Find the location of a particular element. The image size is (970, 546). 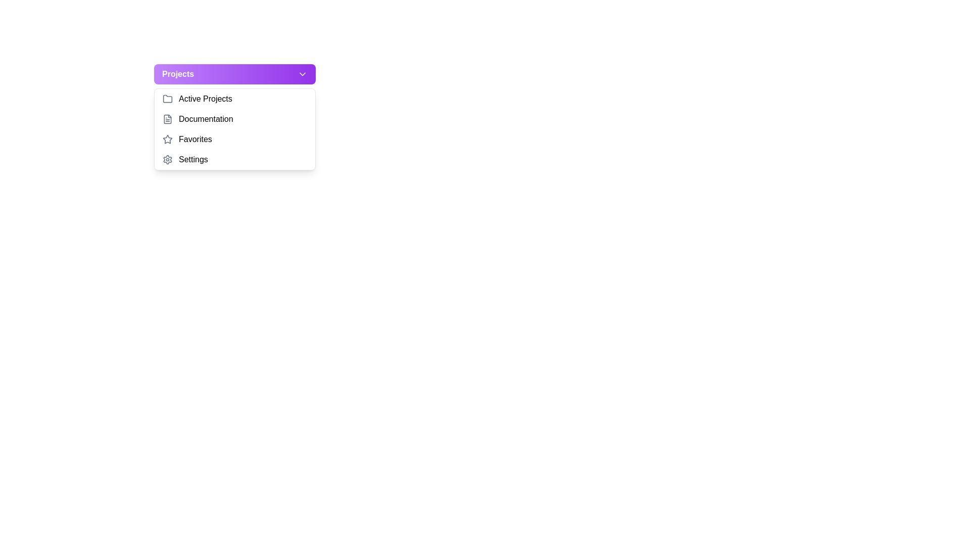

the gear icon representing the 'Settings' menu option, which is the leftmost icon in the vertical menu aligned with the text 'Settings' is located at coordinates (167, 159).